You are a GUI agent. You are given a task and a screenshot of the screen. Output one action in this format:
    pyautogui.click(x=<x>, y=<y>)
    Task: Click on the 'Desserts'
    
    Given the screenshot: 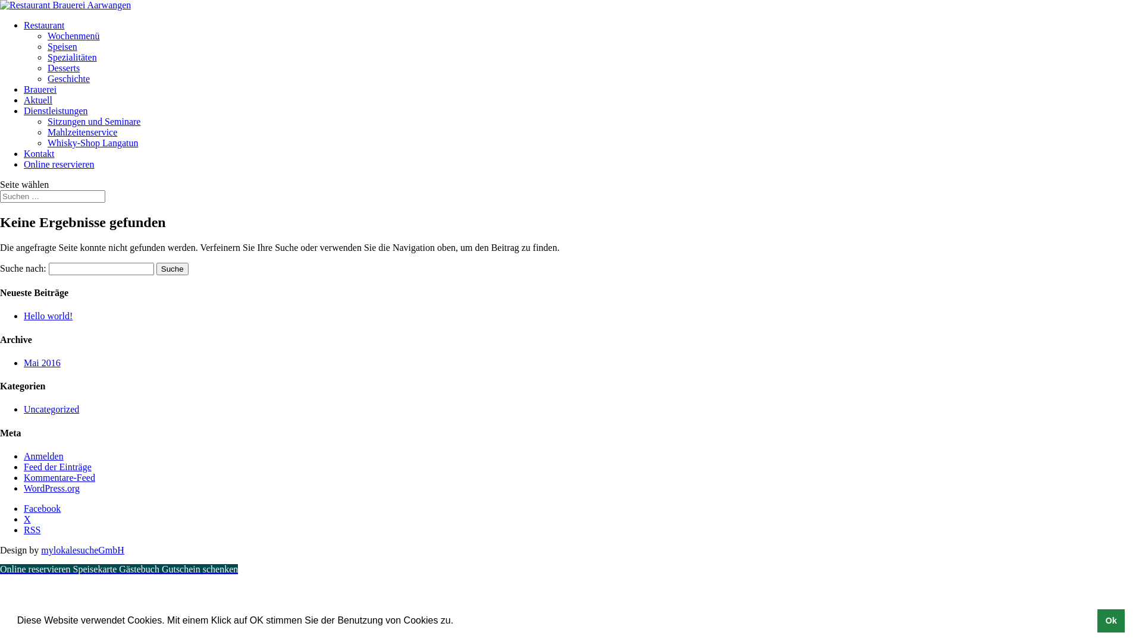 What is the action you would take?
    pyautogui.click(x=62, y=68)
    